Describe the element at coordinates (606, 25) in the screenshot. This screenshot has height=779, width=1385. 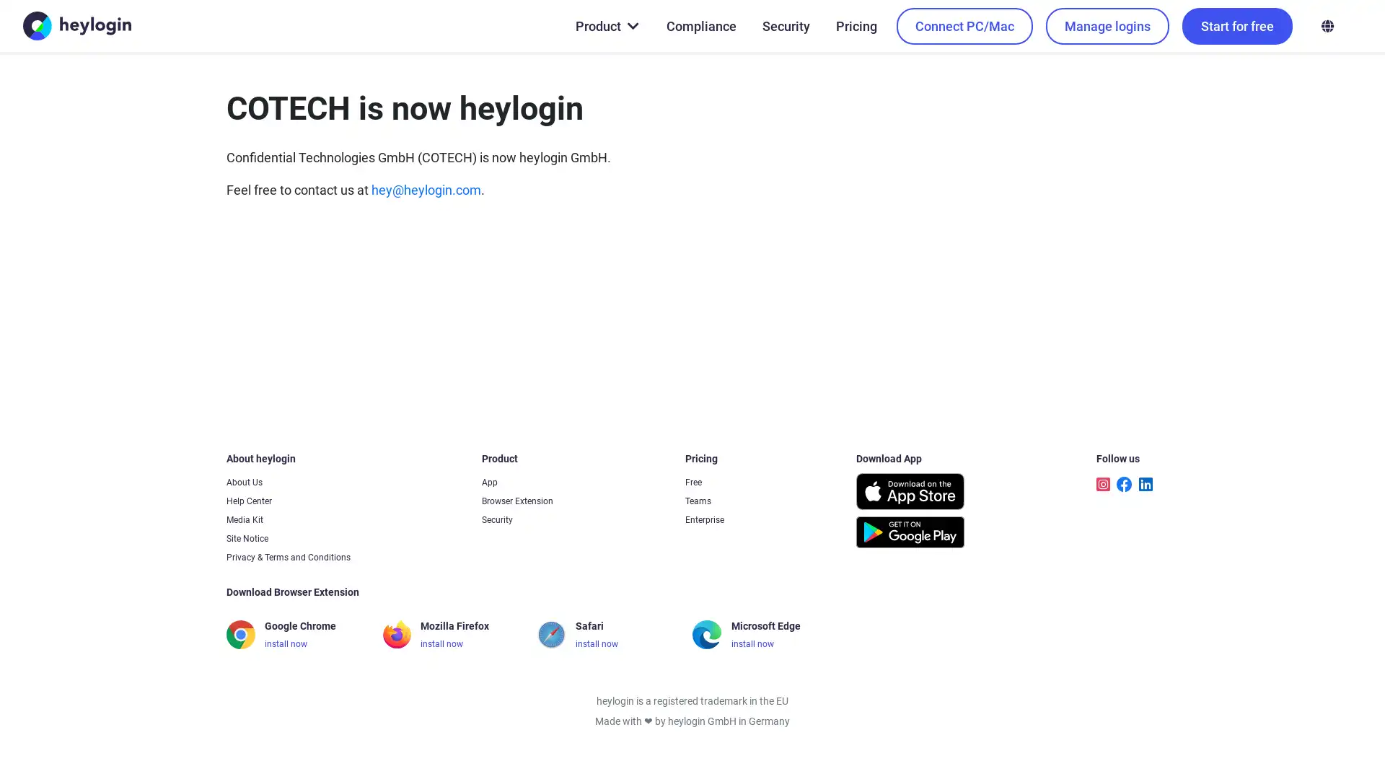
I see `Product` at that location.